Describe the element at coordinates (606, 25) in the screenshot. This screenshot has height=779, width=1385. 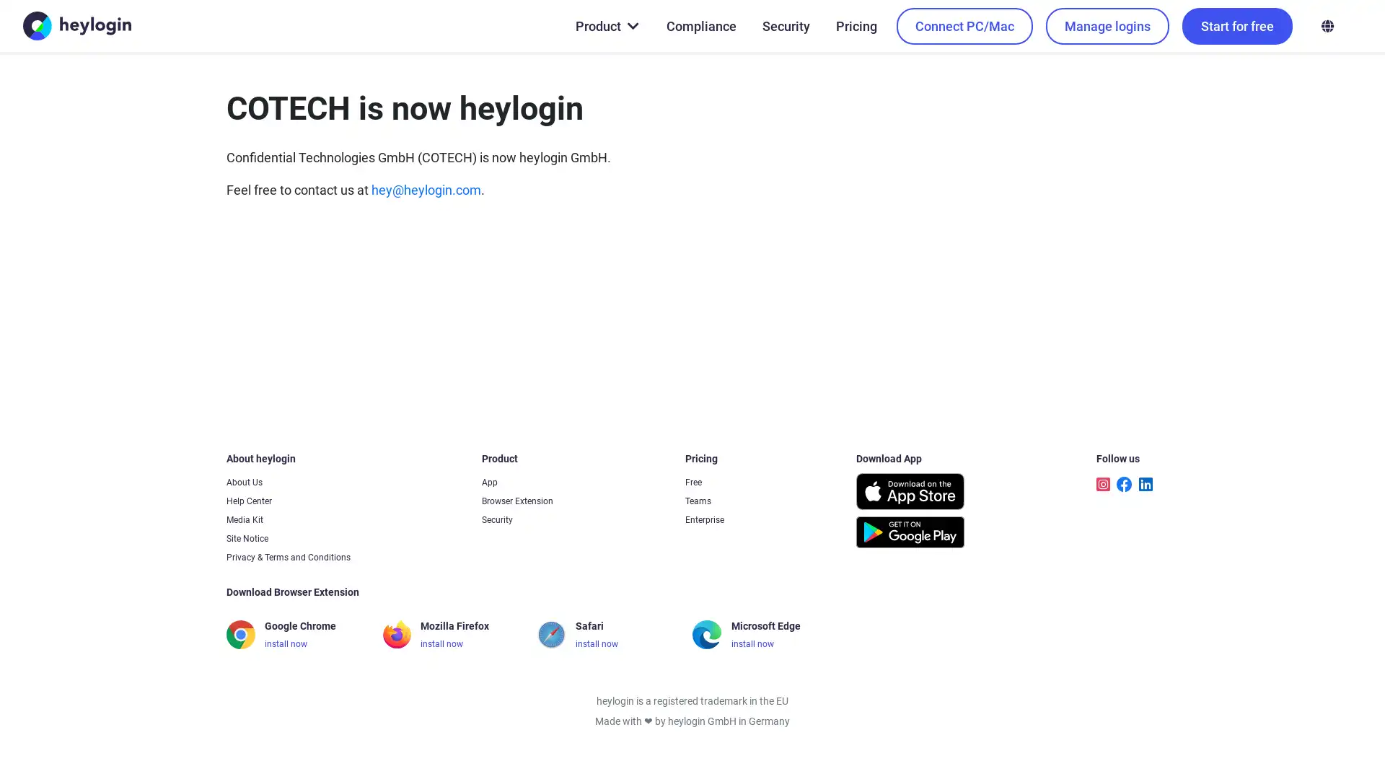
I see `Product` at that location.